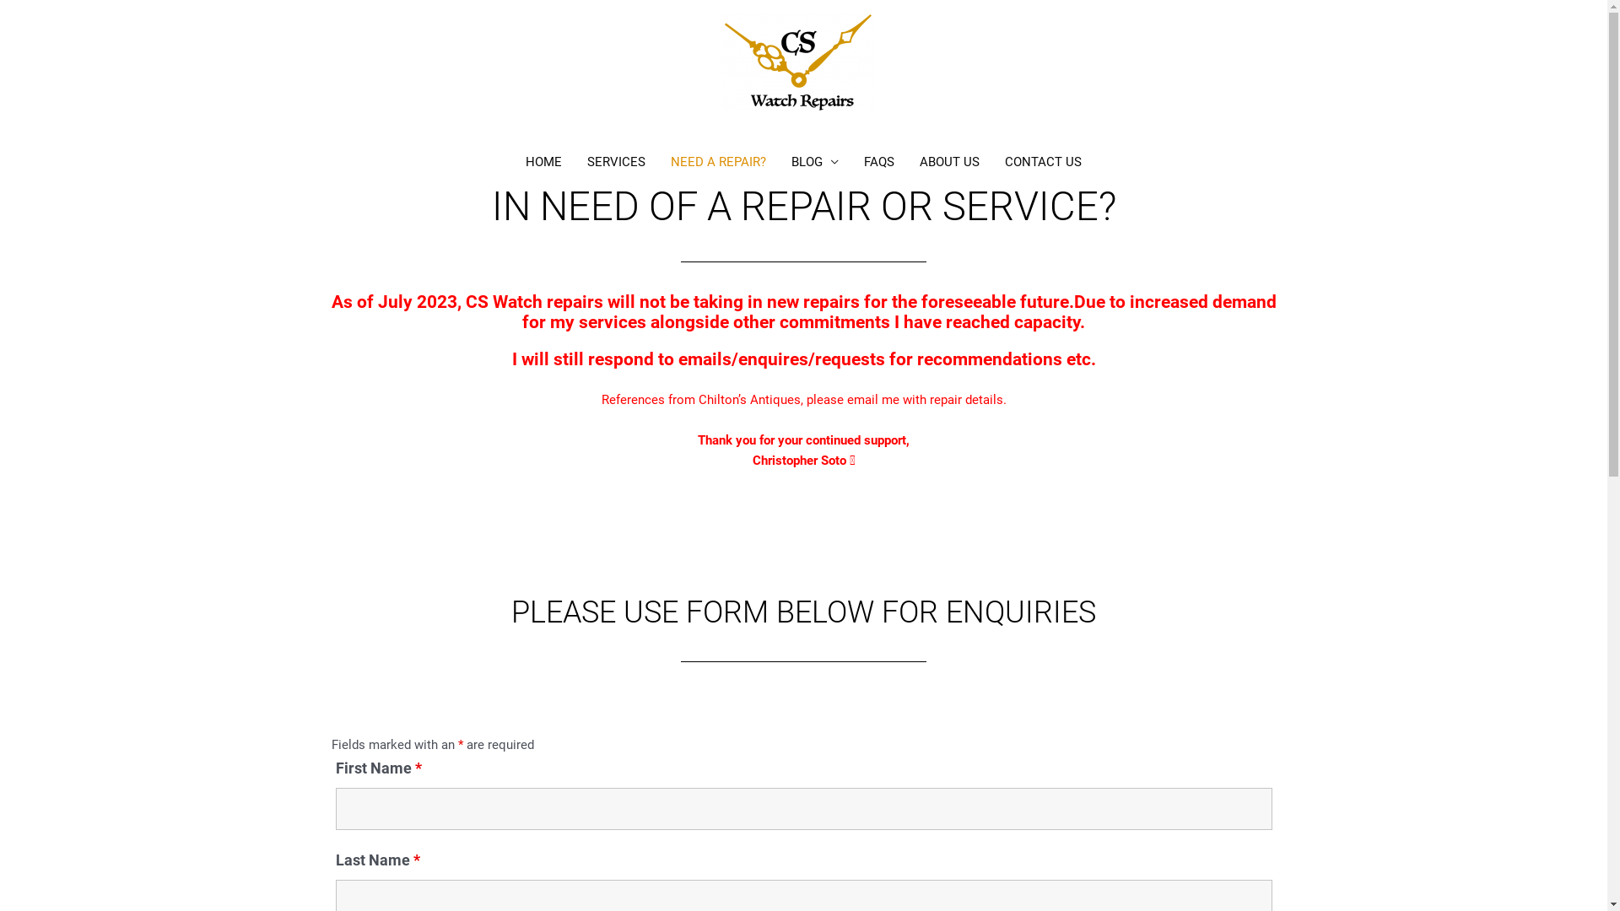 The image size is (1620, 911). What do you see at coordinates (543, 162) in the screenshot?
I see `'HOME'` at bounding box center [543, 162].